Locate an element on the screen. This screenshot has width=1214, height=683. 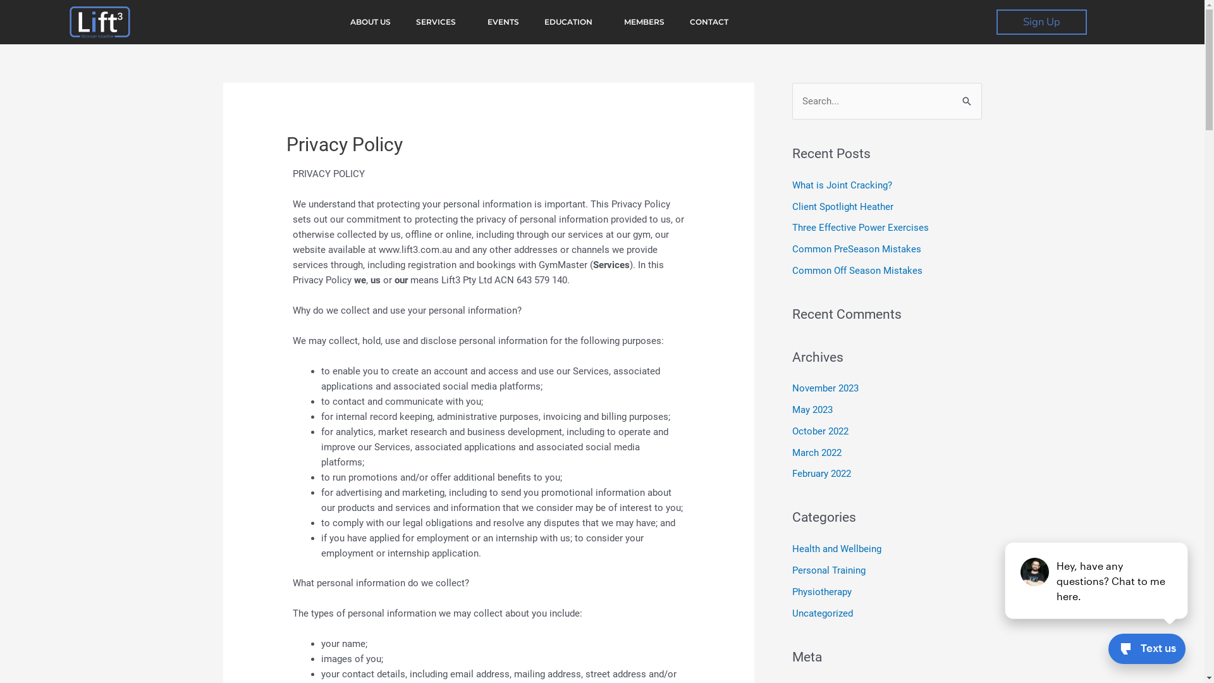
'October 2022' is located at coordinates (819, 431).